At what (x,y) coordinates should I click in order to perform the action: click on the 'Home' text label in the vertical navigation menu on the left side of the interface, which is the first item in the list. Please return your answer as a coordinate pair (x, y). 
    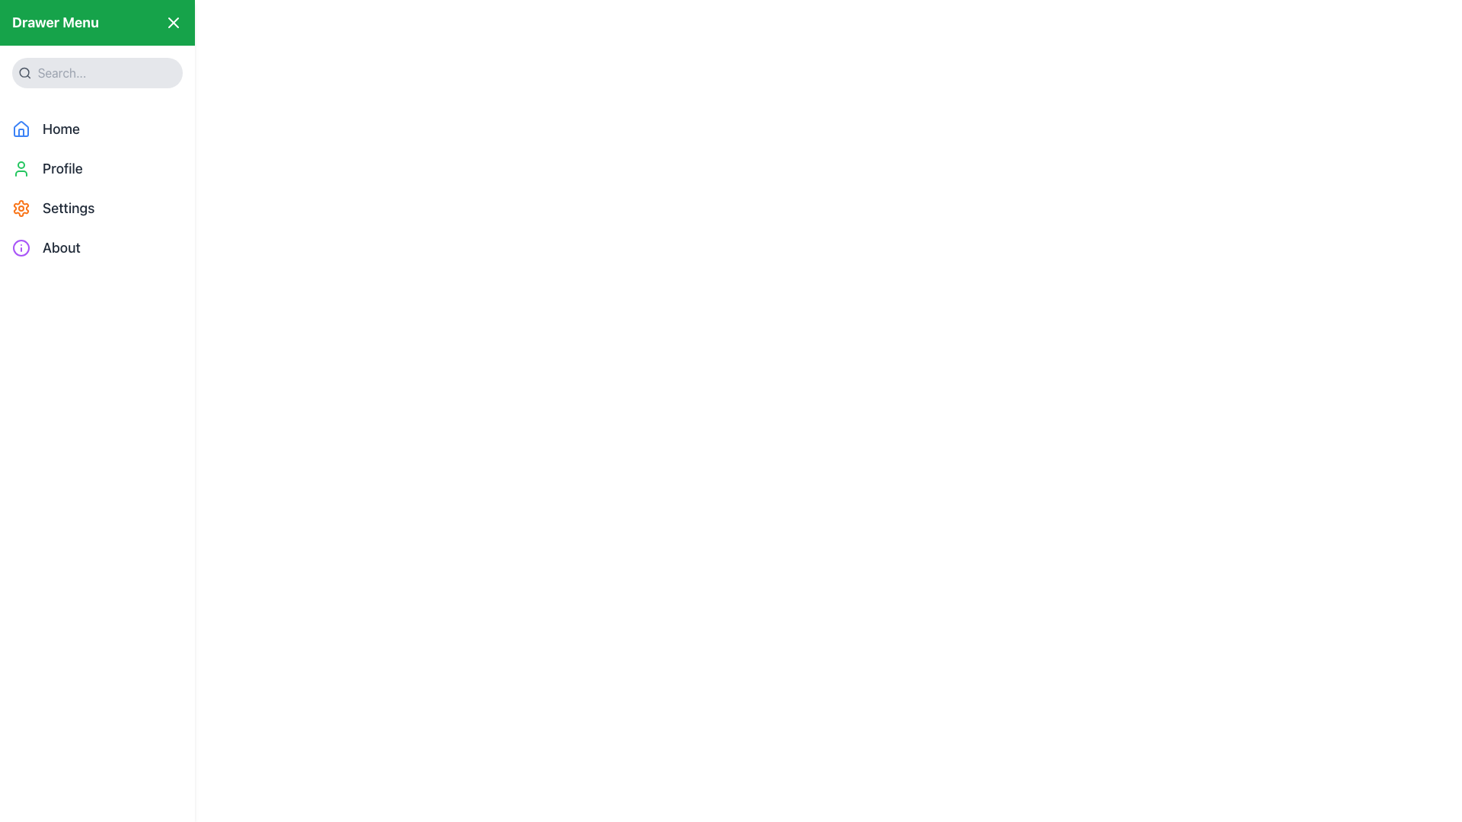
    Looking at the image, I should click on (61, 128).